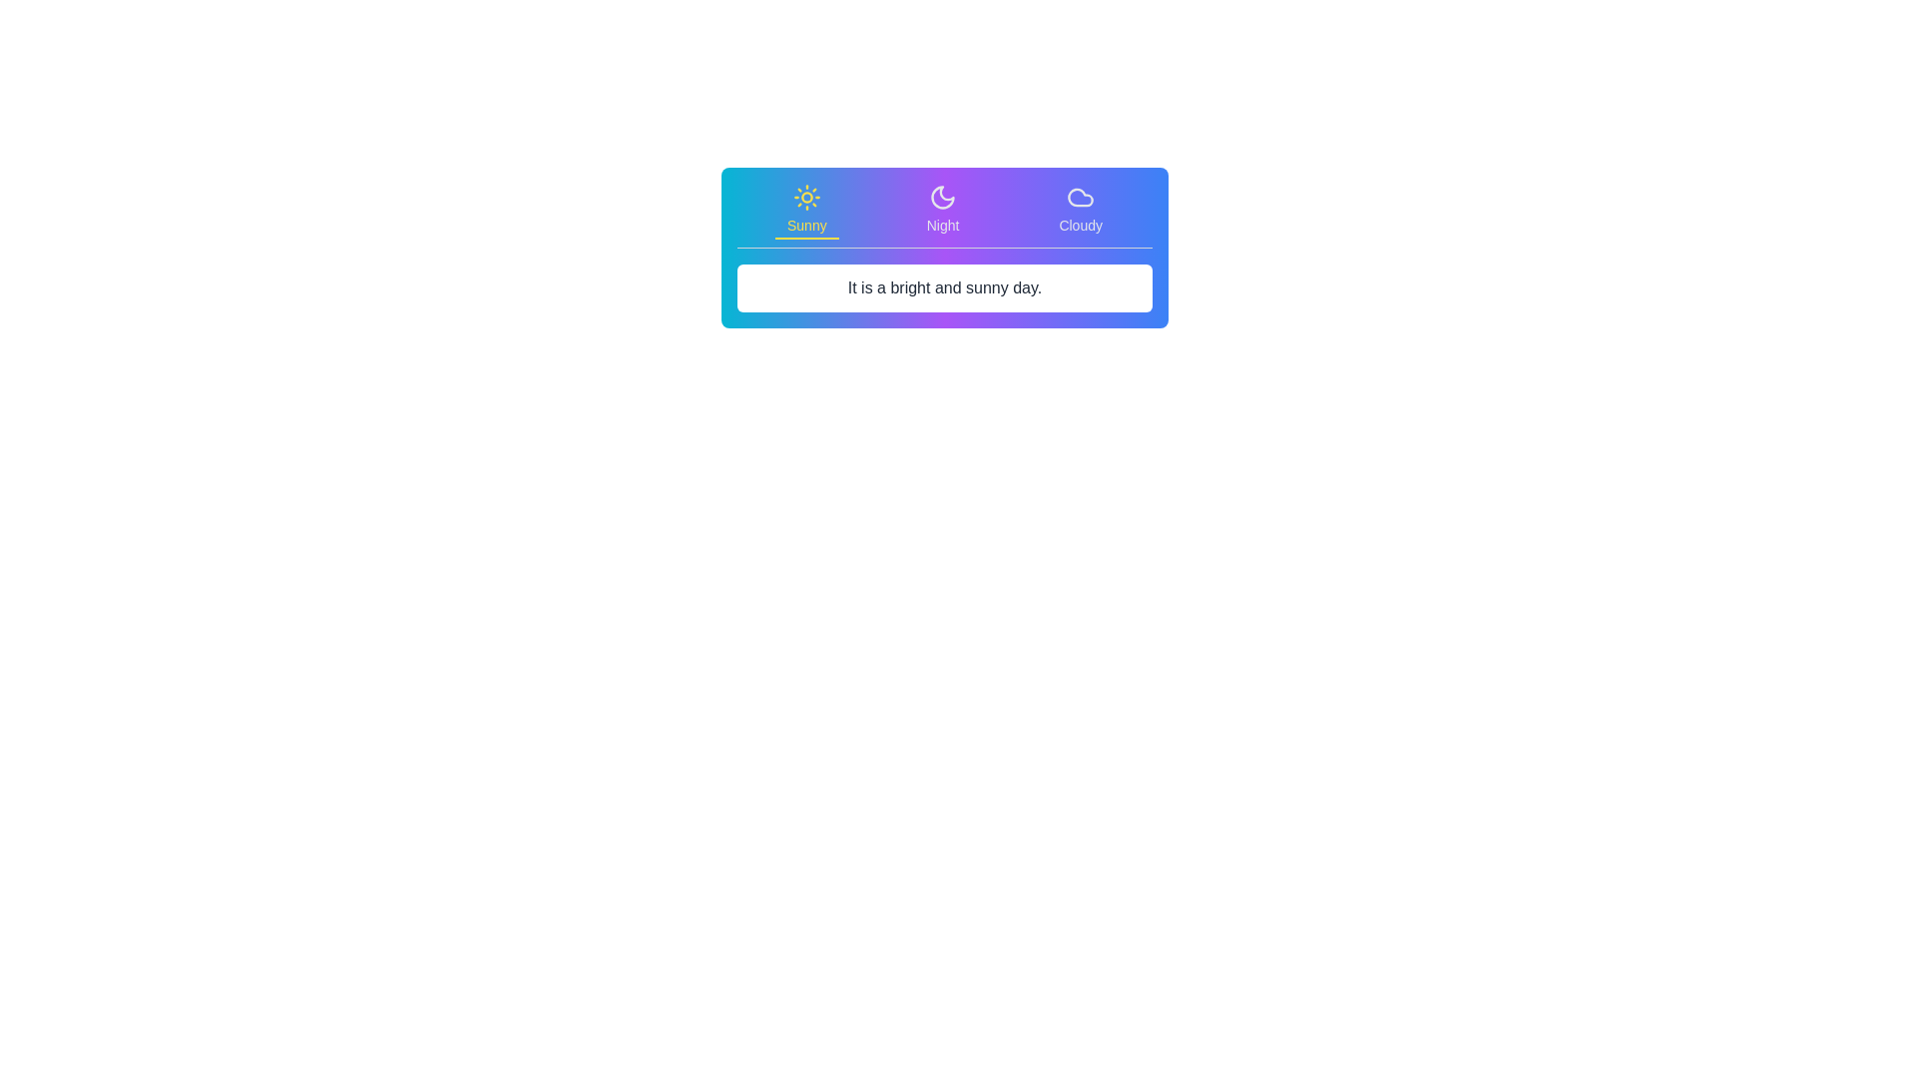  Describe the element at coordinates (942, 212) in the screenshot. I see `the 'Night' button` at that location.